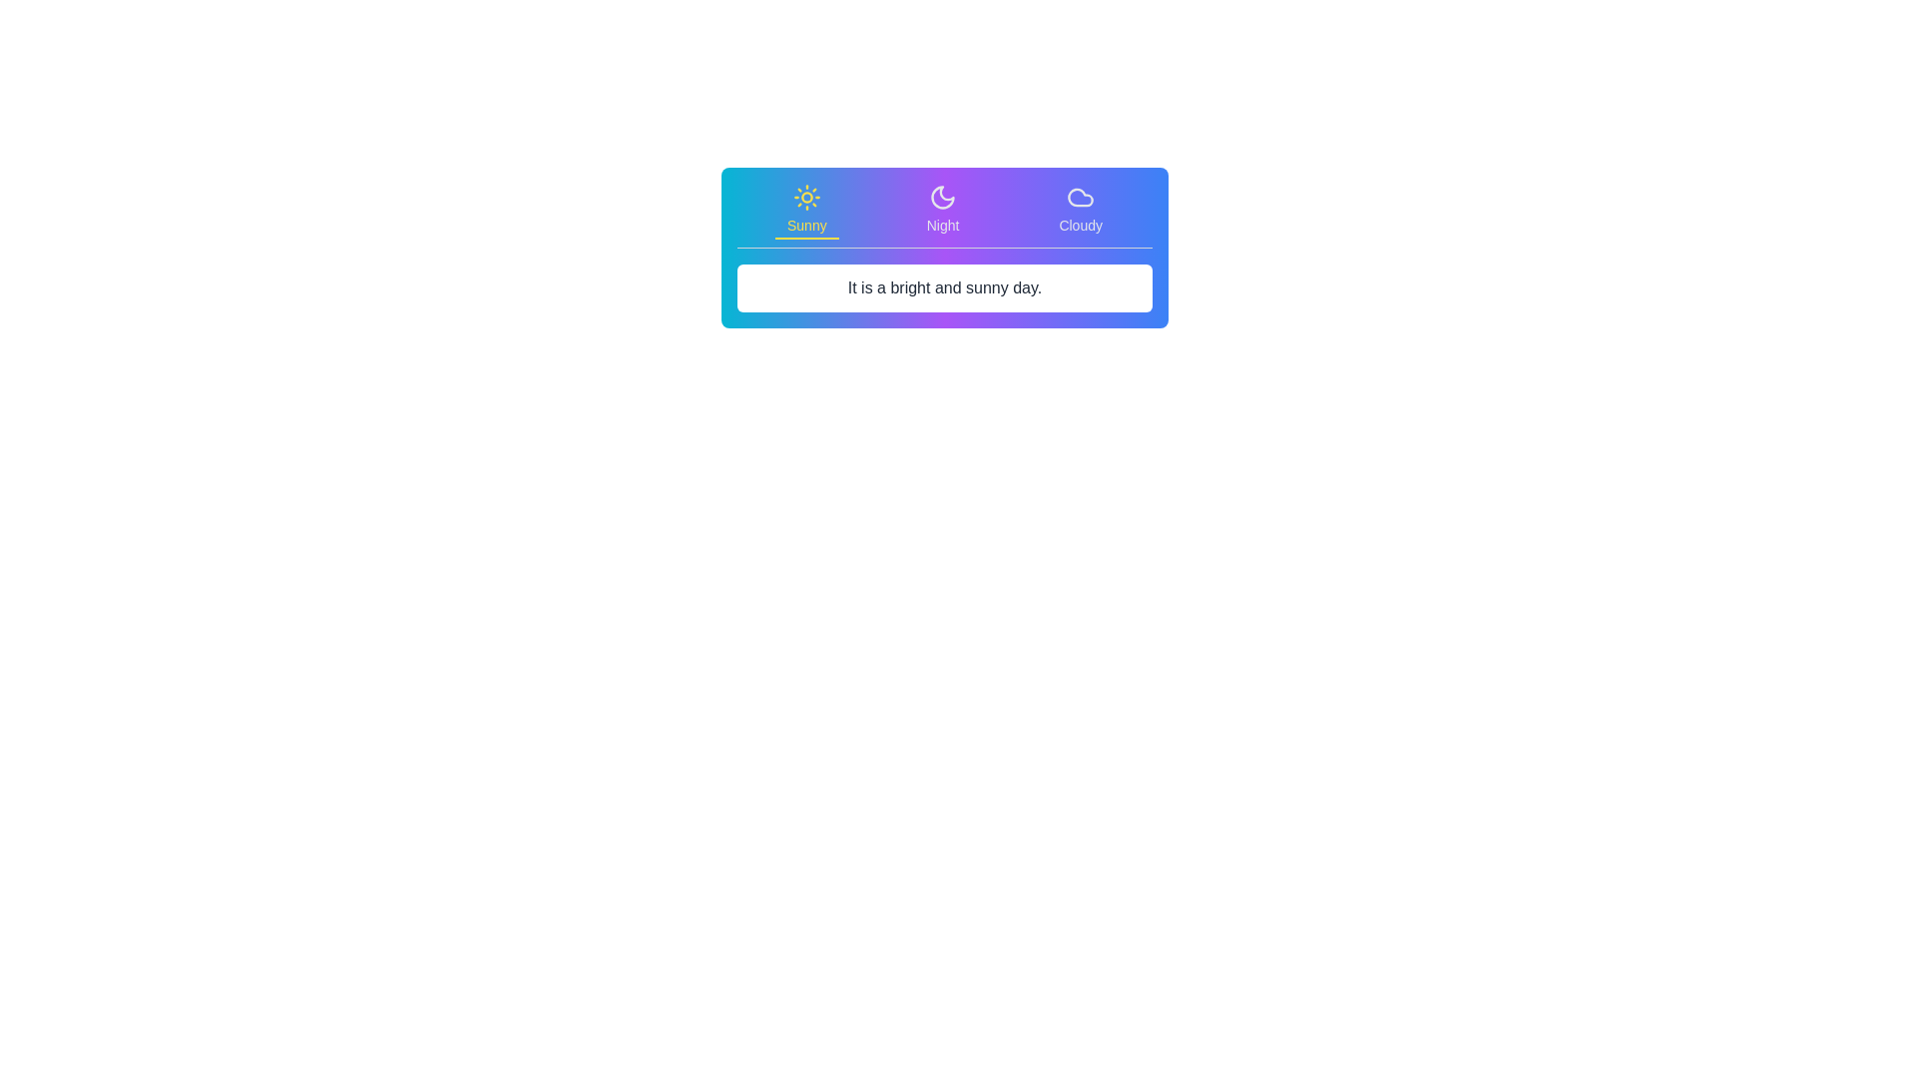  Describe the element at coordinates (942, 212) in the screenshot. I see `the 'Night' button` at that location.